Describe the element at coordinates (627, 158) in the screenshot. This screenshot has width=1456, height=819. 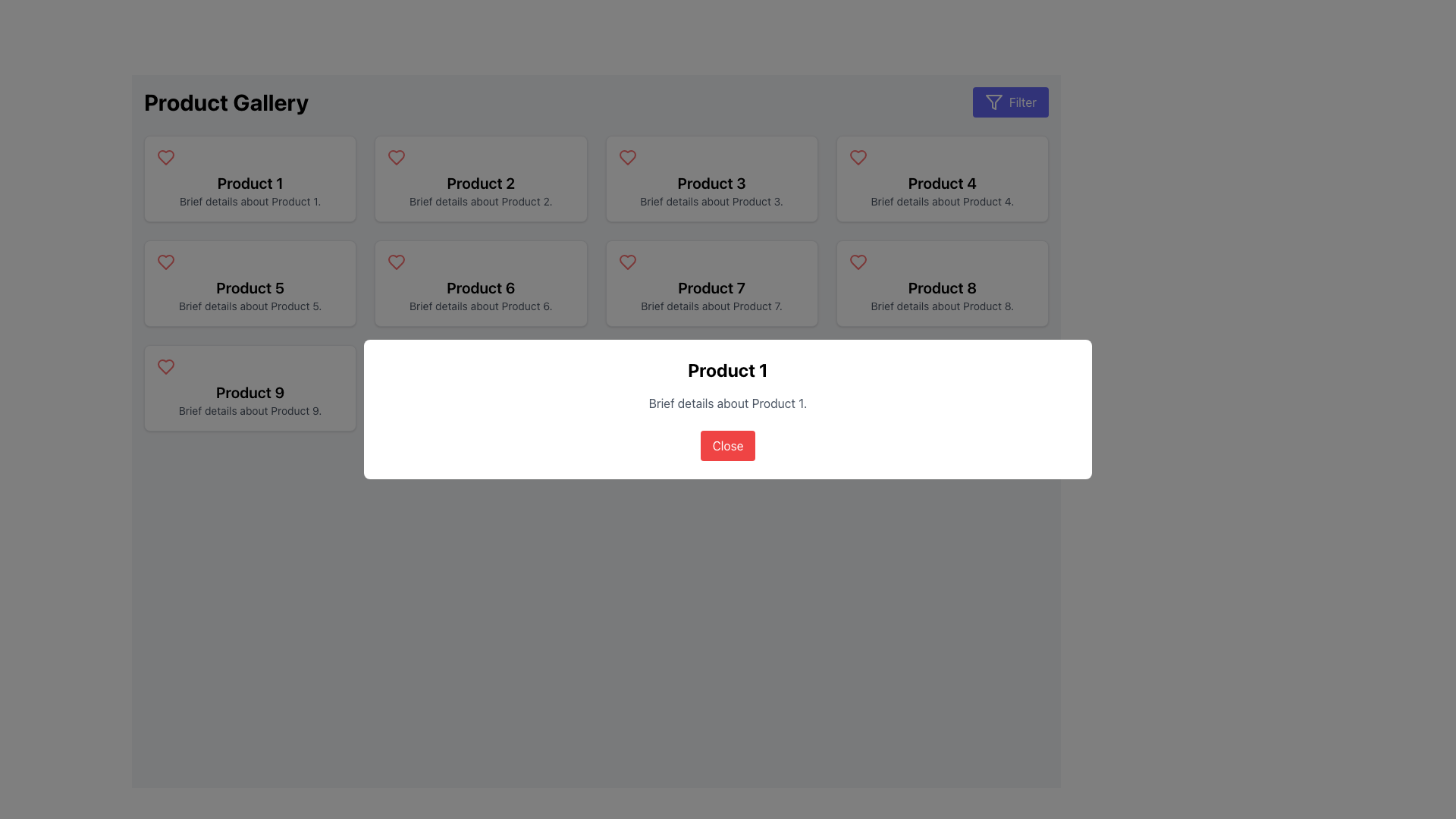
I see `the heart icon in the top-right corner of the Product 3 card to favorite or unfavorite the corresponding product` at that location.